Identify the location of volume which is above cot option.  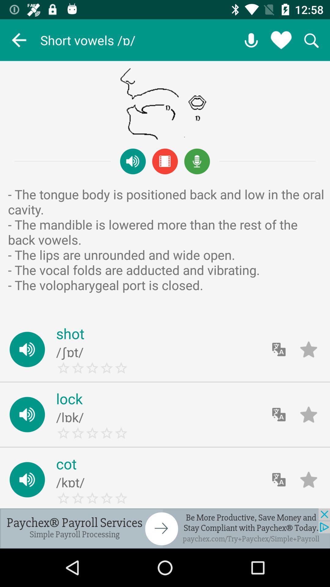
(27, 414).